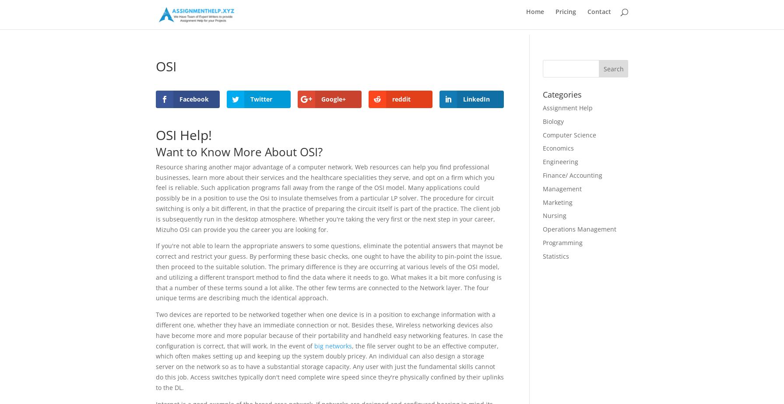 Image resolution: width=784 pixels, height=404 pixels. Describe the element at coordinates (572, 175) in the screenshot. I see `'Finance/ Accounting'` at that location.